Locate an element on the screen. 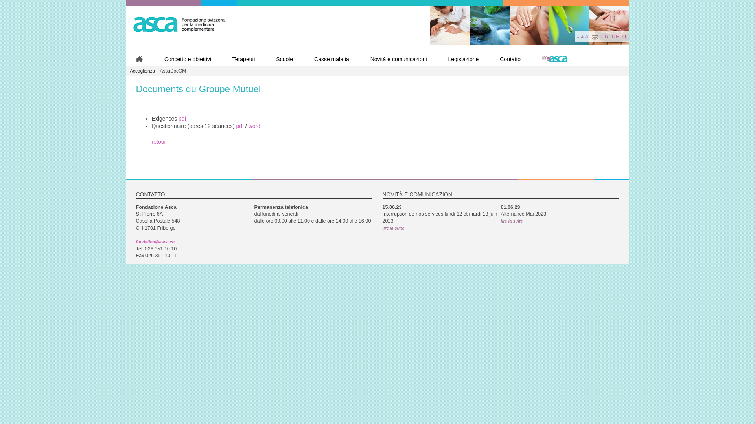 The width and height of the screenshot is (755, 424). 'Concetto e obiettivi' is located at coordinates (155, 59).